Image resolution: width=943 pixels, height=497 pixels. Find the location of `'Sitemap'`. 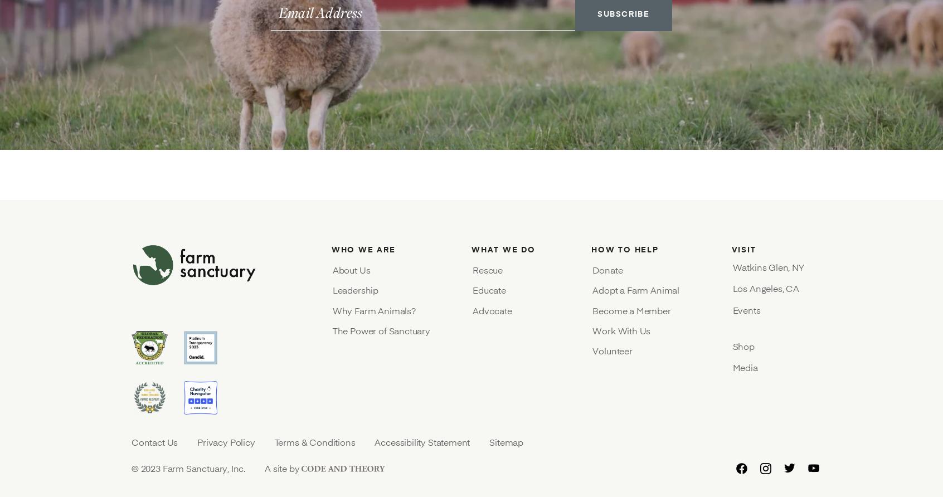

'Sitemap' is located at coordinates (505, 441).